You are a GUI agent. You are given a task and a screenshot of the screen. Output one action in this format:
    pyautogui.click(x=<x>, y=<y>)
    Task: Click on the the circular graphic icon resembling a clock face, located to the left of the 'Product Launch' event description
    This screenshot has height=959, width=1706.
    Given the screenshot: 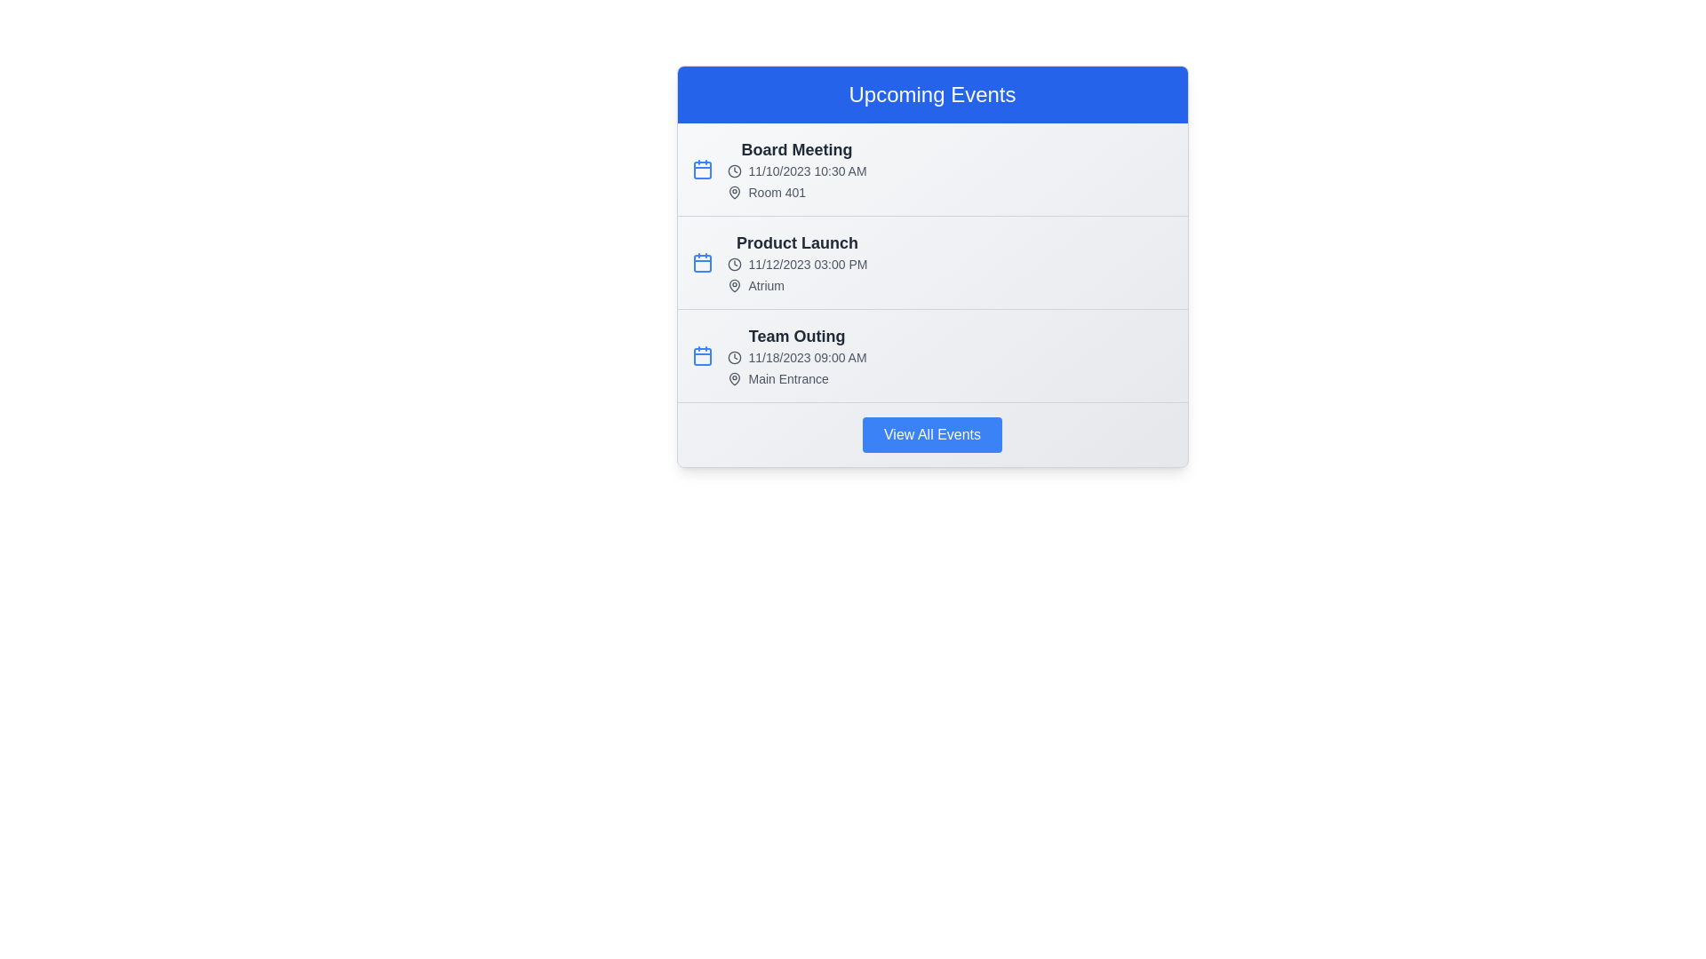 What is the action you would take?
    pyautogui.click(x=734, y=264)
    